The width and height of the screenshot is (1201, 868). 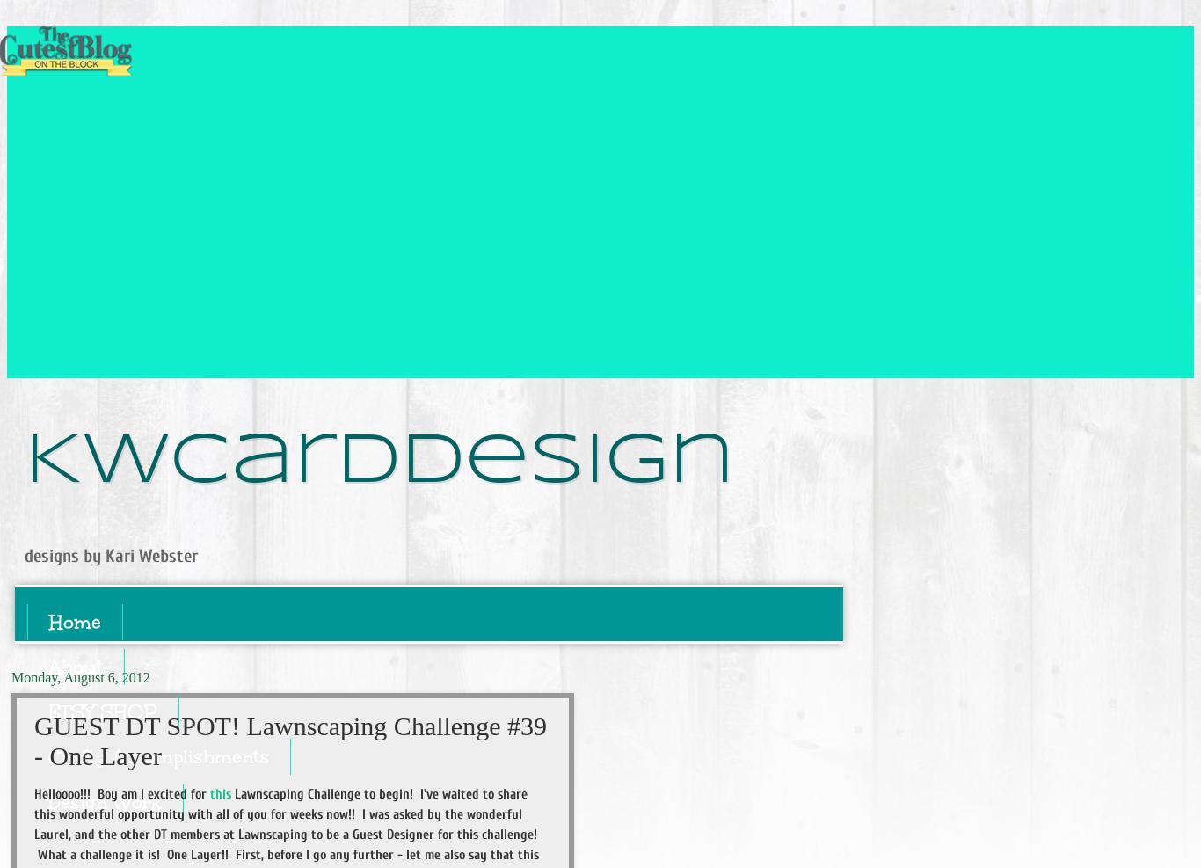 What do you see at coordinates (102, 711) in the screenshot?
I see `'ETSY SHOP'` at bounding box center [102, 711].